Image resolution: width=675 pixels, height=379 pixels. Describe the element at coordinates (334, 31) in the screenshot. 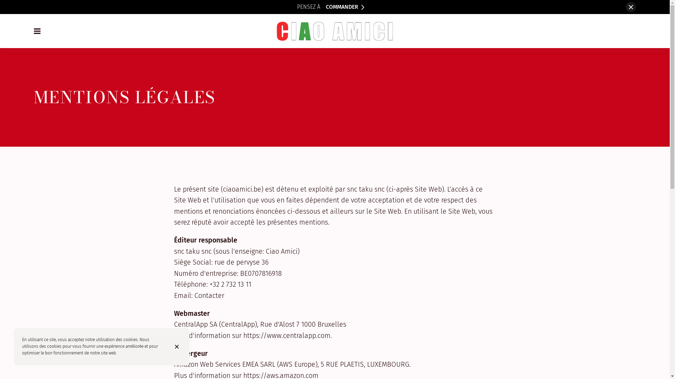

I see `'CIAO AMICI'` at that location.